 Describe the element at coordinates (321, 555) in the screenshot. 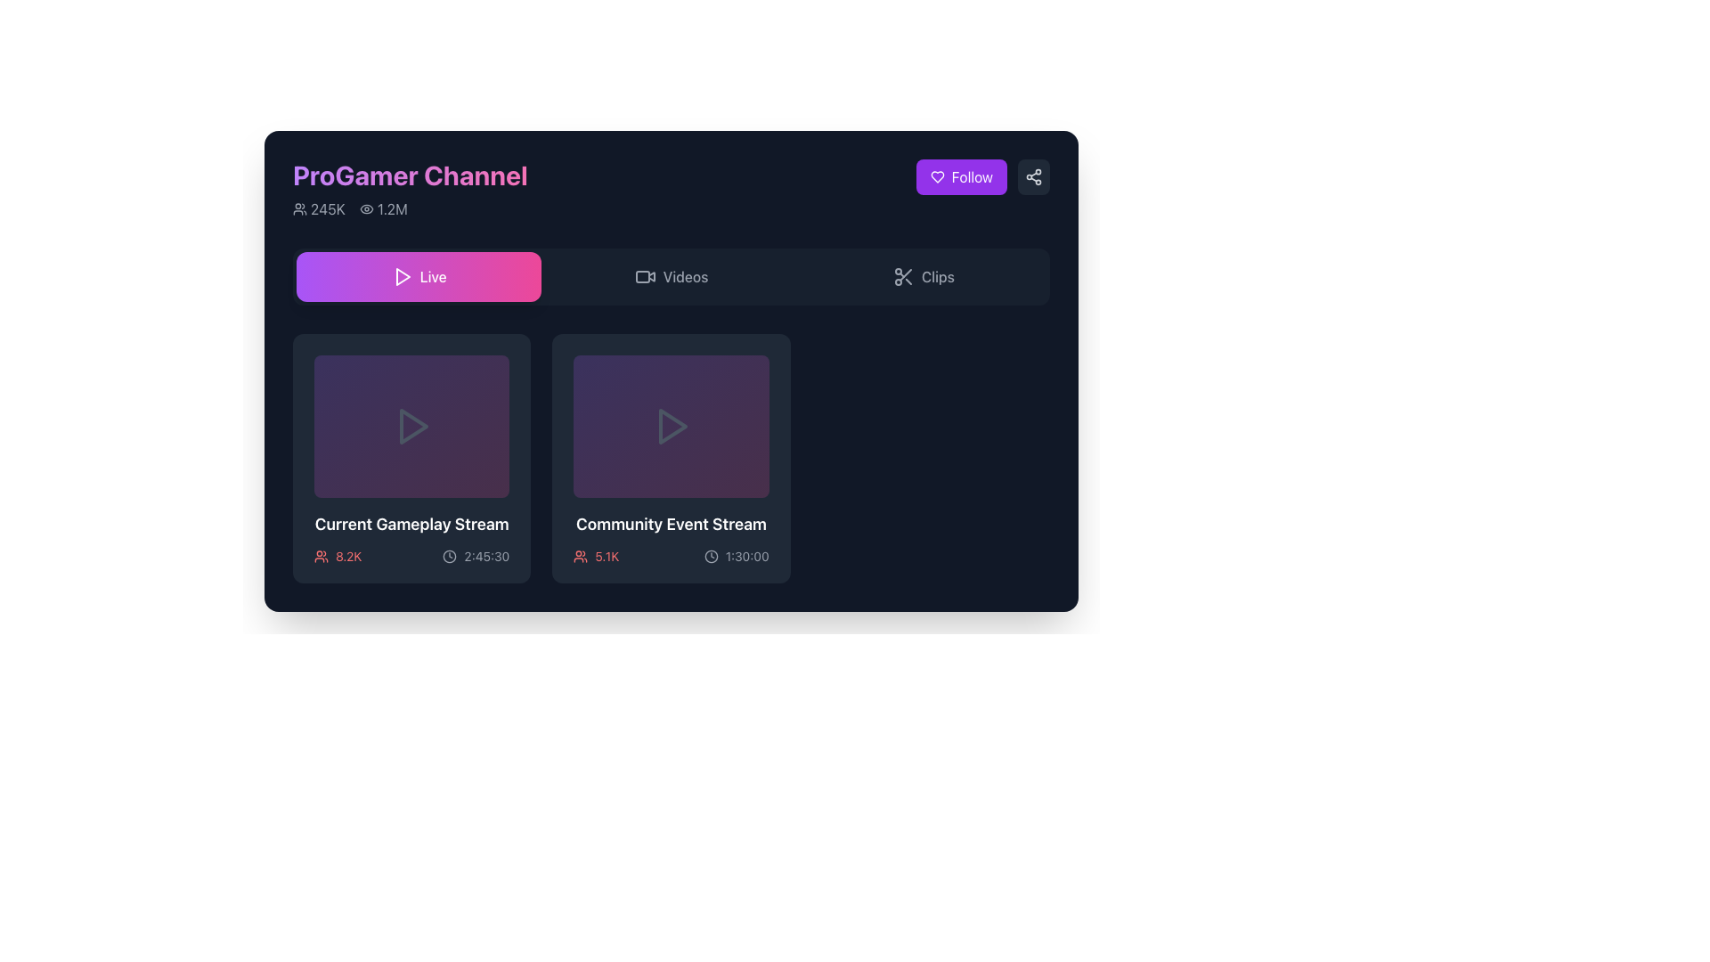

I see `the SVG Icon element representing a silhouette of a group of three people, located at the bottom of the first media content card titled 'Current Gameplay Stream'` at that location.